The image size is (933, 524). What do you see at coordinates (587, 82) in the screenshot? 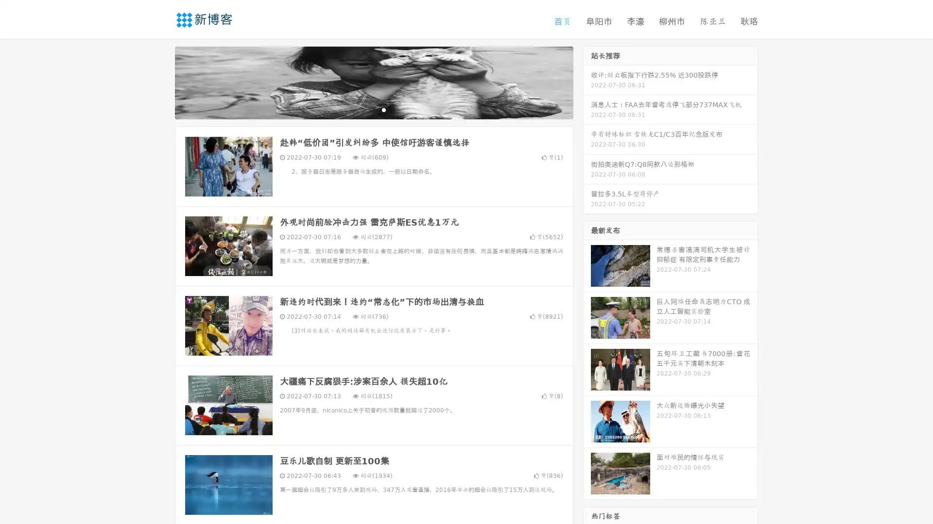
I see `Next slide` at bounding box center [587, 82].